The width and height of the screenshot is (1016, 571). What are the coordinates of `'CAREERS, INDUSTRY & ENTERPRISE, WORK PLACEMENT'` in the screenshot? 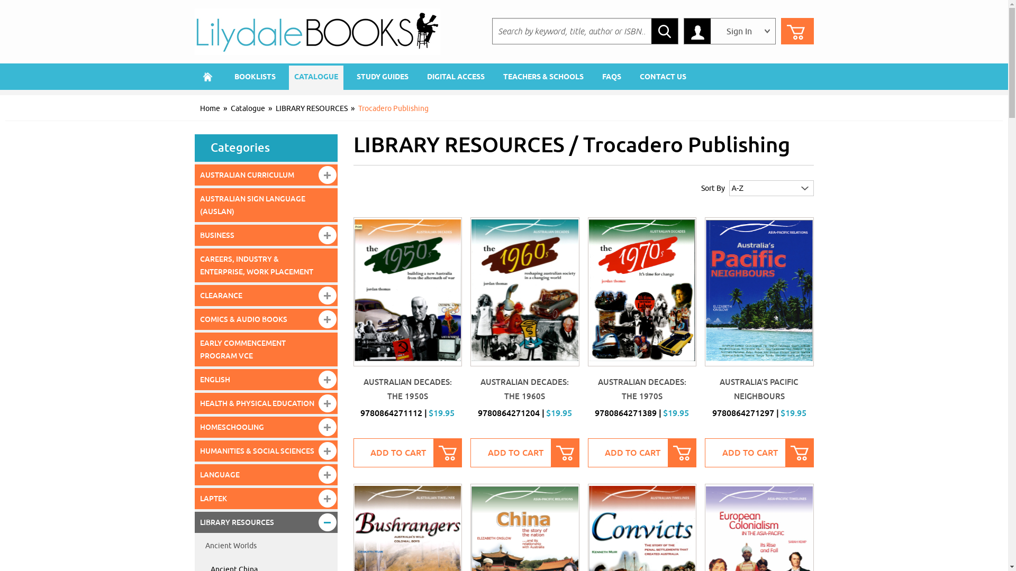 It's located at (266, 264).